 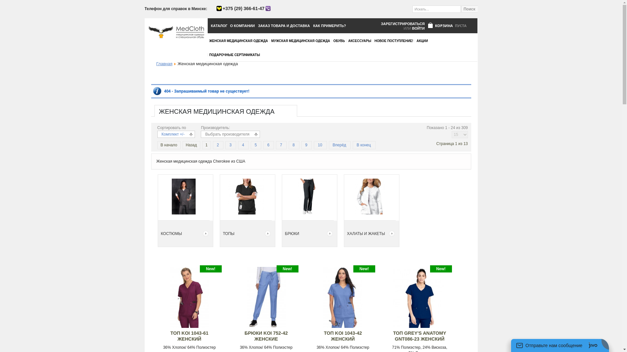 What do you see at coordinates (243, 8) in the screenshot?
I see `'+375 (29) 366-61-47'` at bounding box center [243, 8].